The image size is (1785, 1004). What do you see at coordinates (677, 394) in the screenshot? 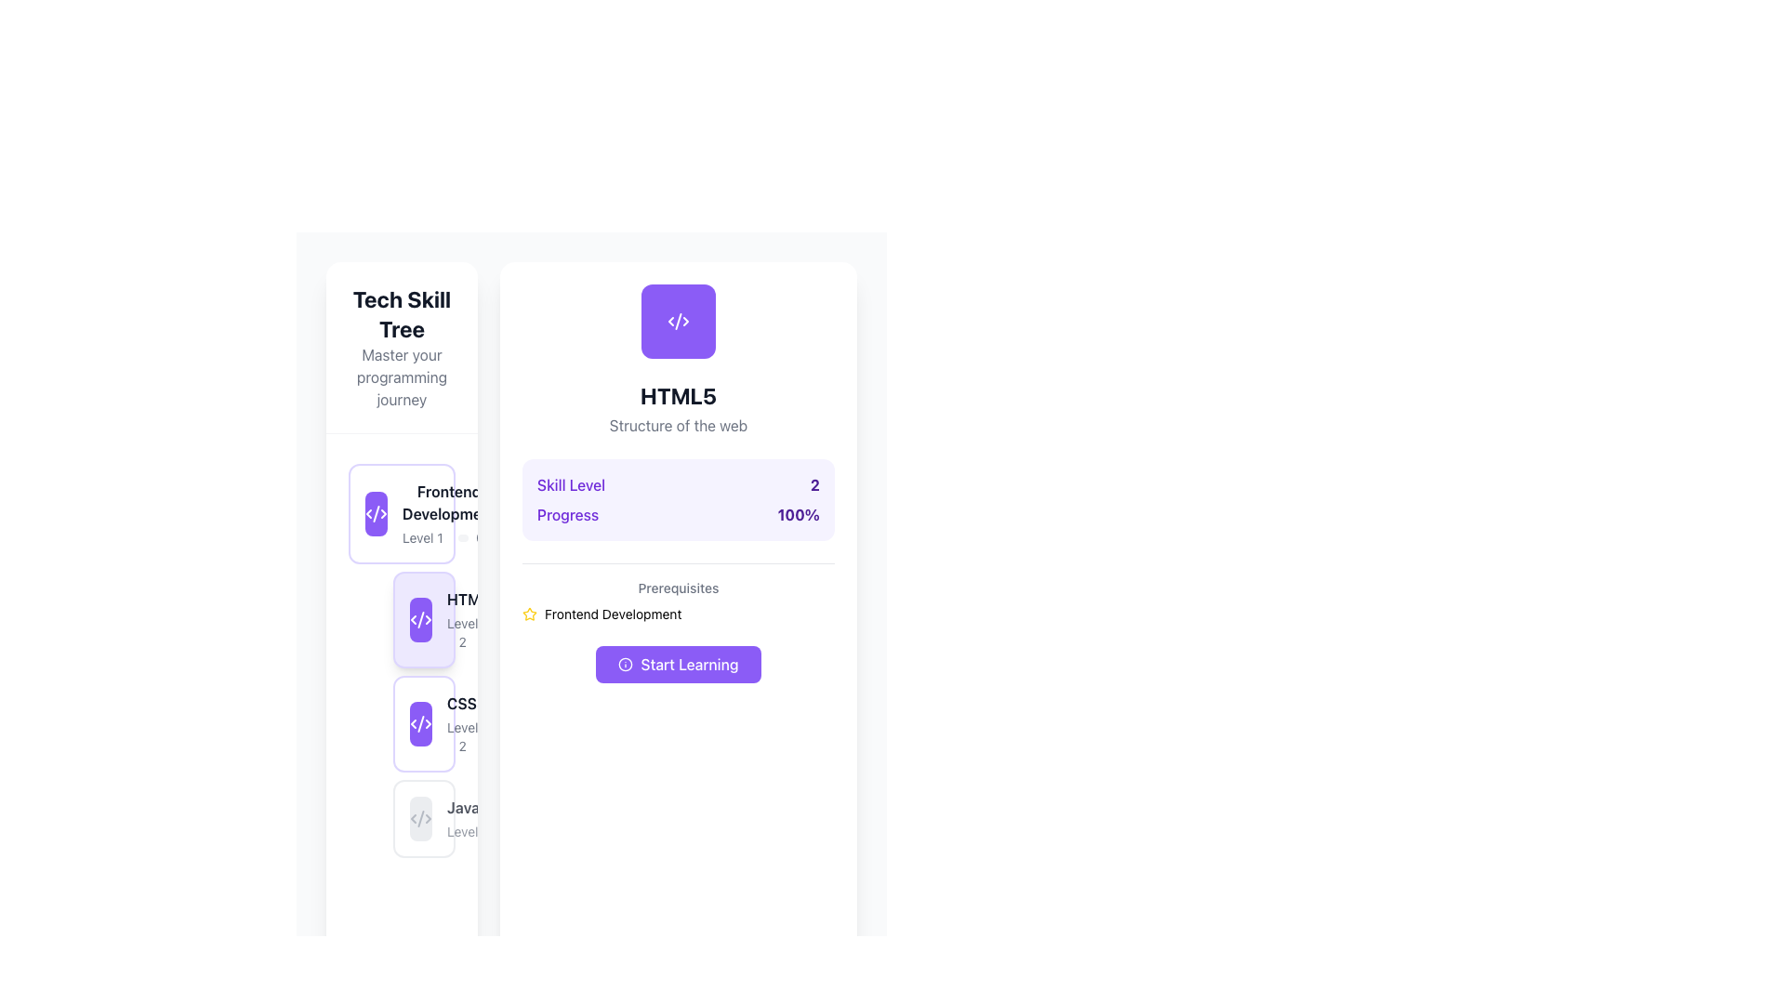
I see `the title text element labeled 'HTML5', which is positioned at the top center of the card, directly below an icon and above the descriptive text 'Structure of the web'` at bounding box center [677, 394].